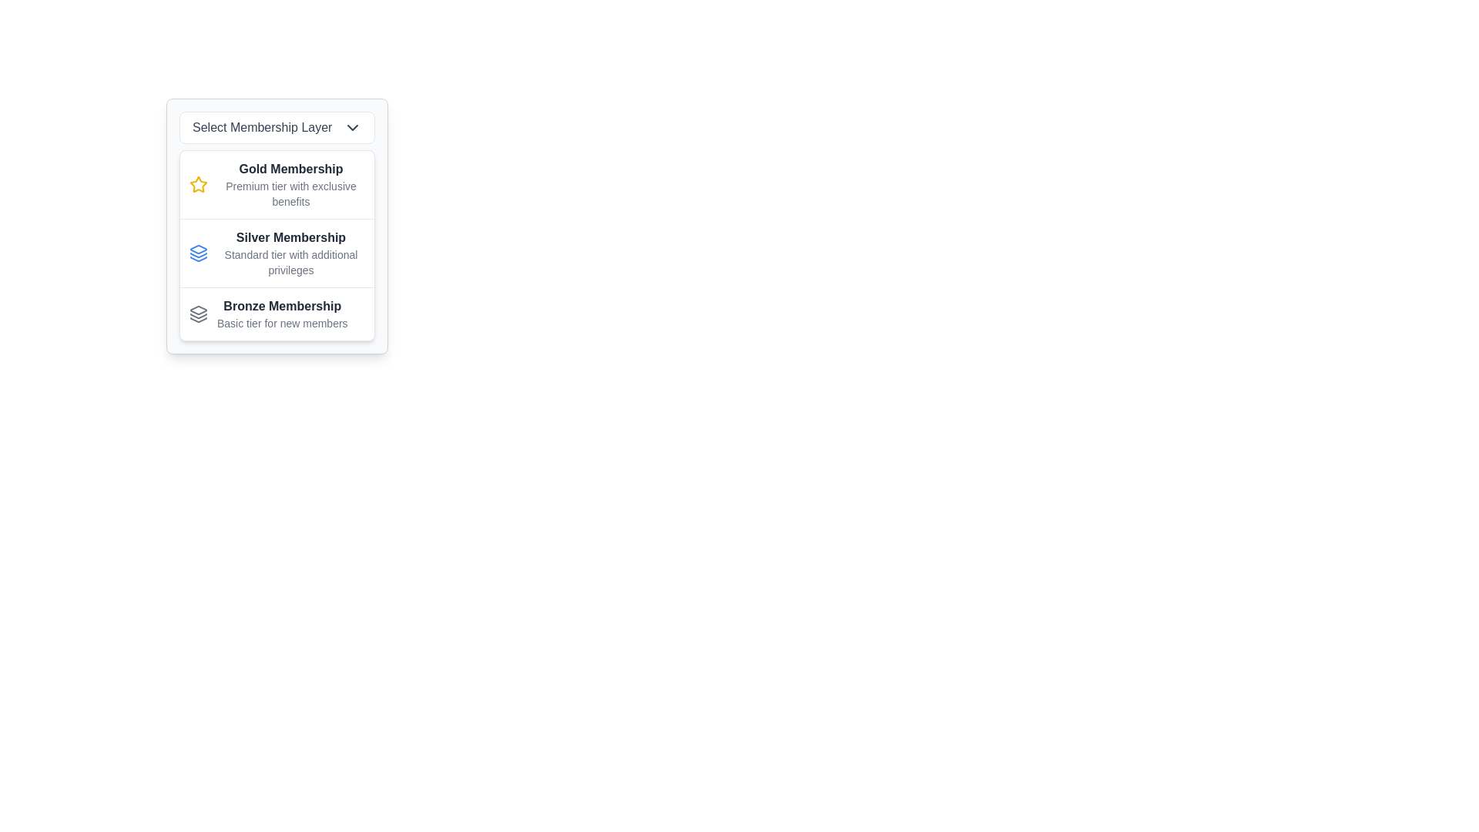  What do you see at coordinates (198, 319) in the screenshot?
I see `the third layer vector graphic element in the stack icon, which is visually represented with a slanted design and shadowing effect` at bounding box center [198, 319].